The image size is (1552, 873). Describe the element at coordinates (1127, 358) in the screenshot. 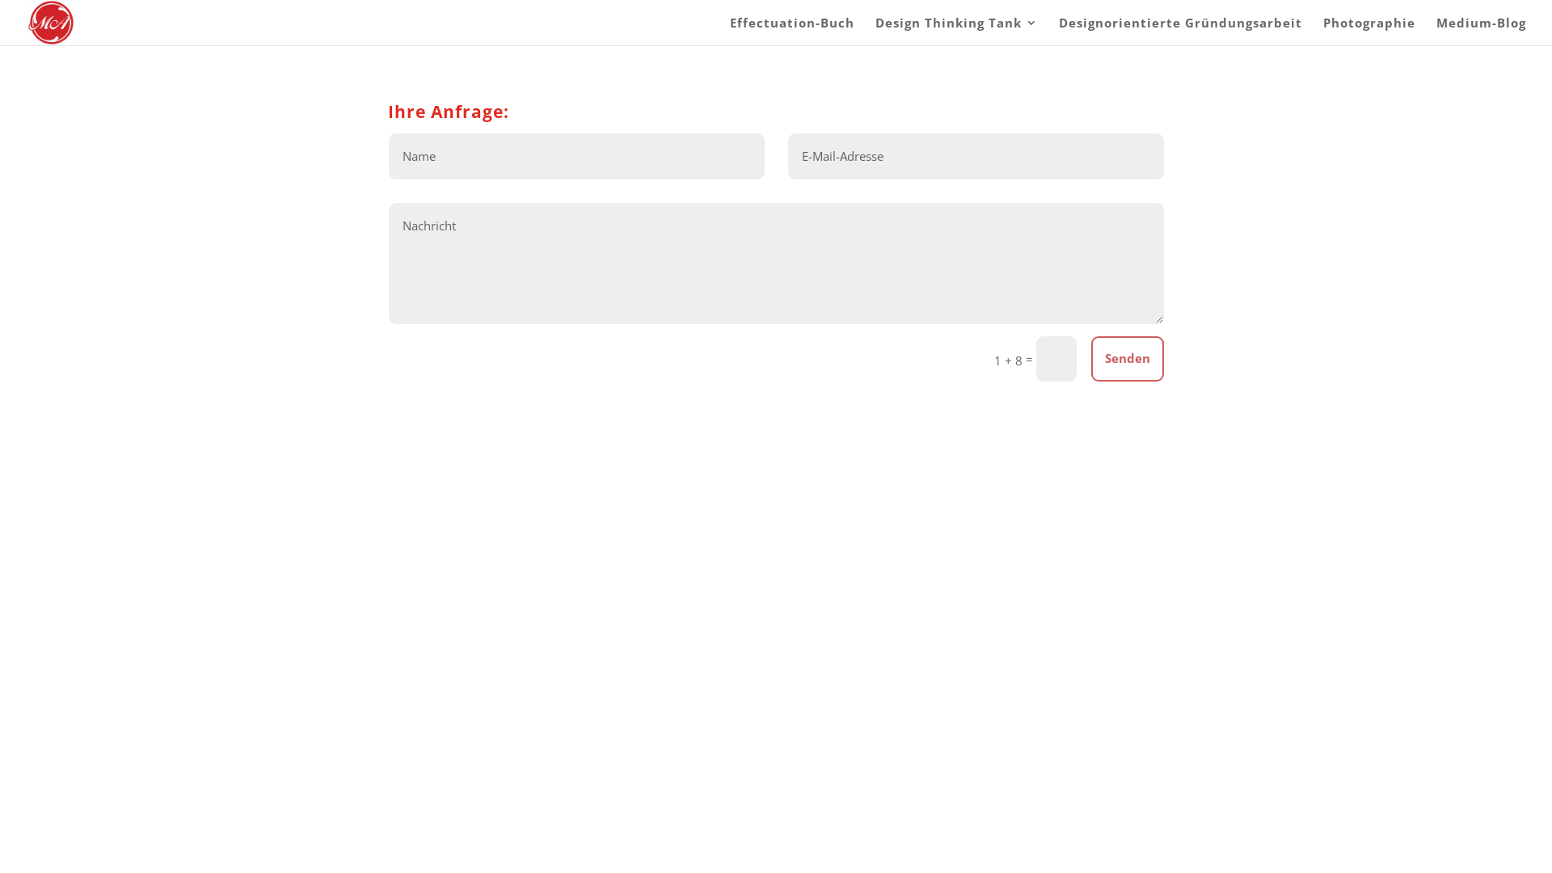

I see `'Senden'` at that location.